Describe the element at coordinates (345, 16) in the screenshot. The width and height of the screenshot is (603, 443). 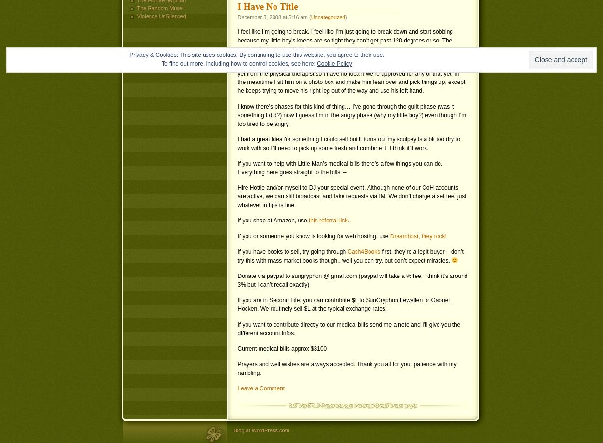
I see `')'` at that location.